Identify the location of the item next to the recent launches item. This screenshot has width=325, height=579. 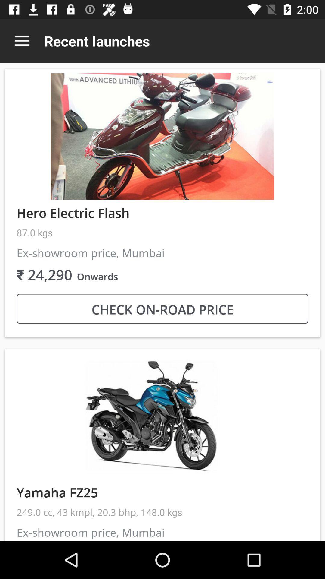
(22, 41).